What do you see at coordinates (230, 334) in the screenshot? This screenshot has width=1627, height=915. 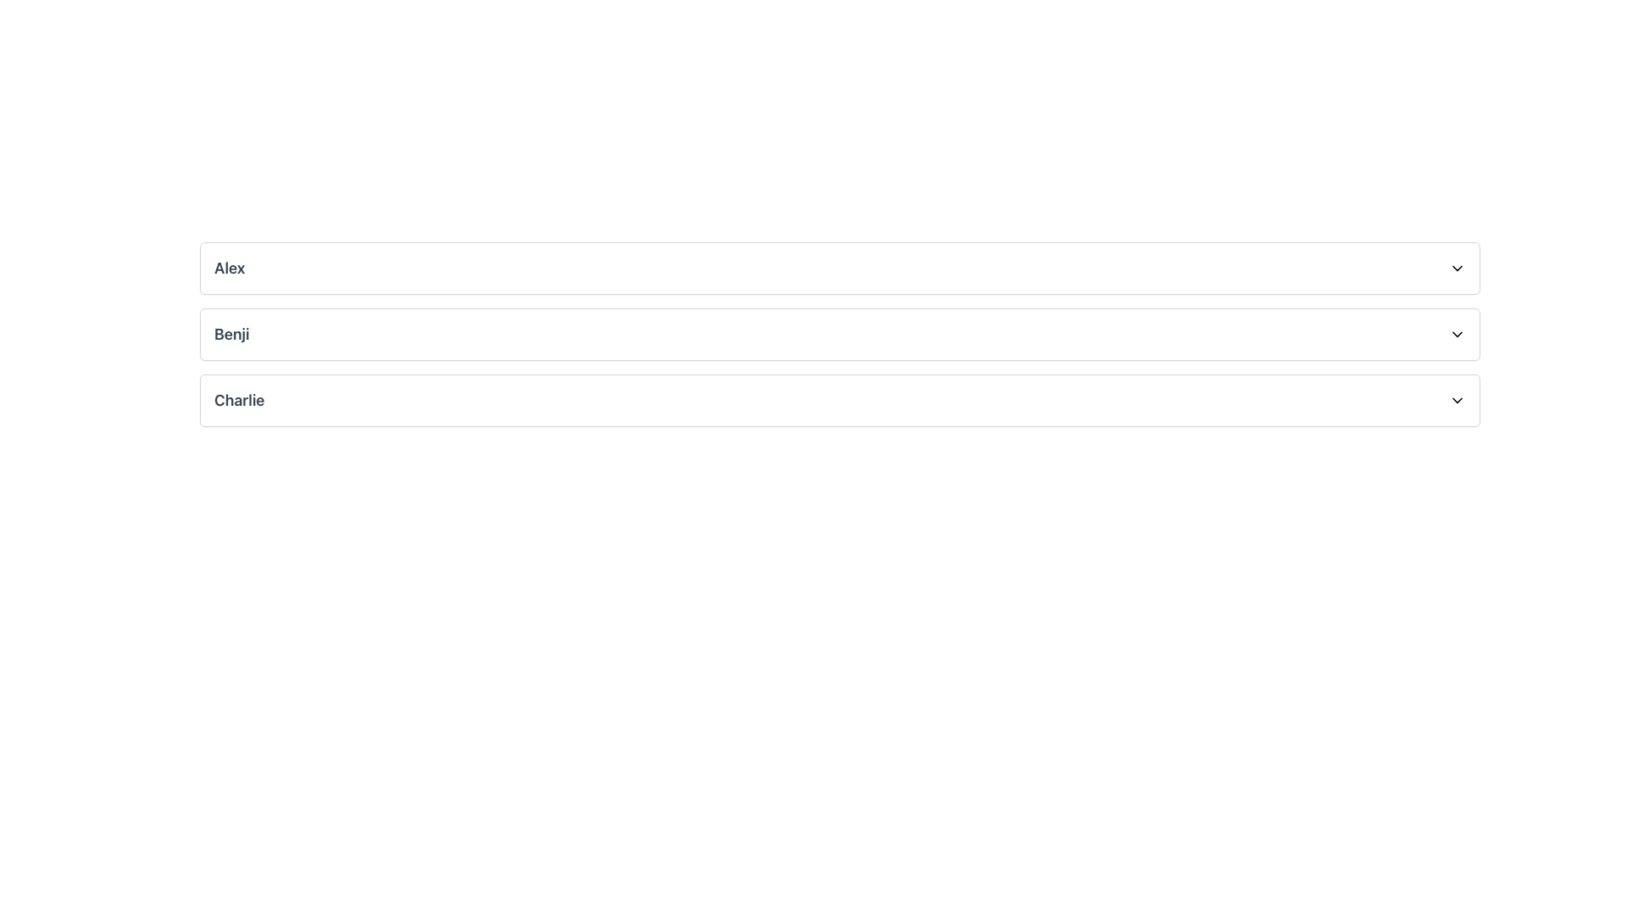 I see `the text label that displays 'Benji' in bold dark gray font for identification purposes` at bounding box center [230, 334].